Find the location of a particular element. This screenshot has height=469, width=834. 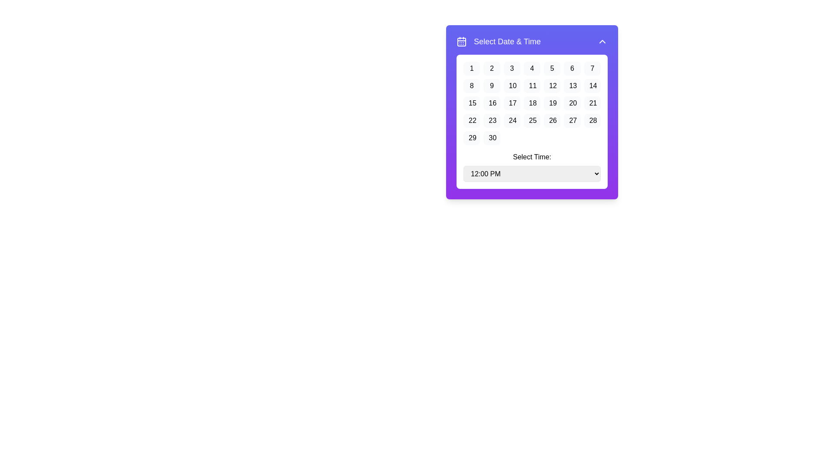

the selectable date button for the 16th day in the calendar interface is located at coordinates (492, 103).